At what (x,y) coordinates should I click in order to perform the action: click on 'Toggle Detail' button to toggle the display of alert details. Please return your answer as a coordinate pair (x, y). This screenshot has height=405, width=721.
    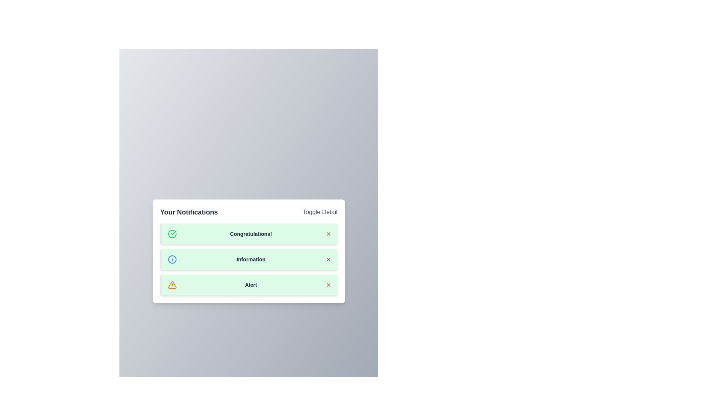
    Looking at the image, I should click on (320, 212).